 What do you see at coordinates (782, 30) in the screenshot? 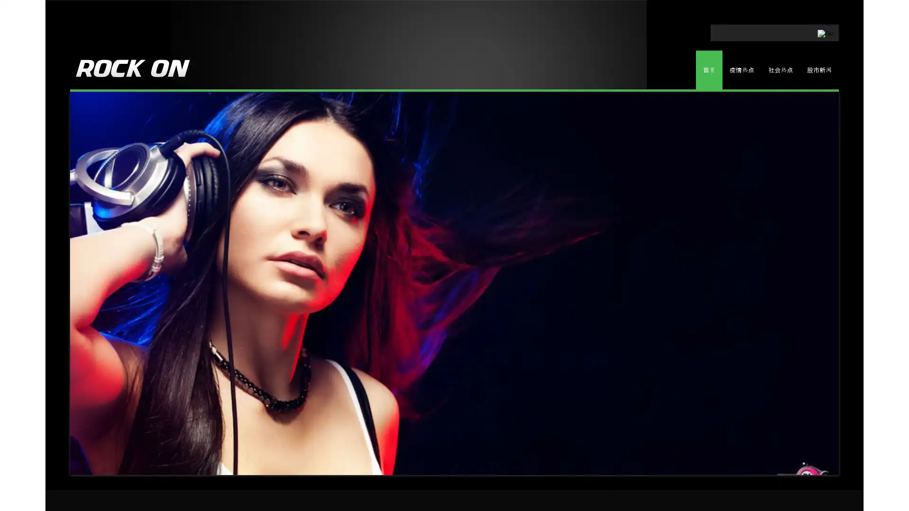
I see `Go` at bounding box center [782, 30].